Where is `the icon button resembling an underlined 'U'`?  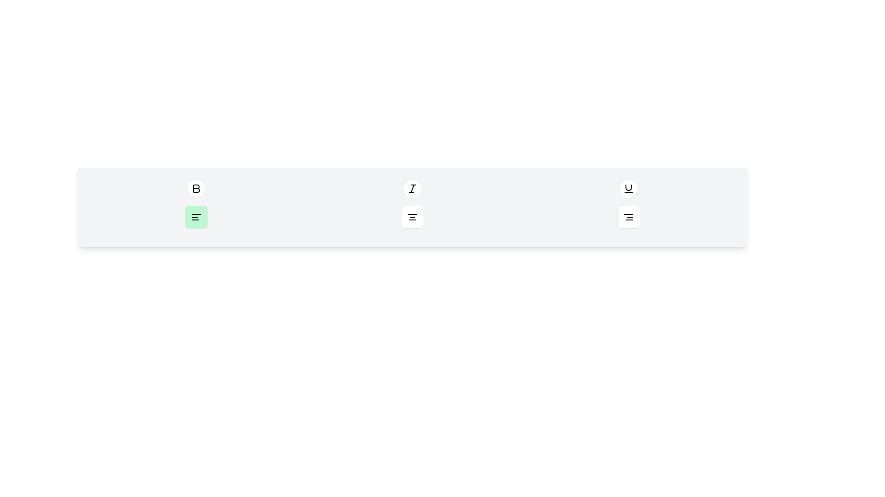 the icon button resembling an underlined 'U' is located at coordinates (628, 188).